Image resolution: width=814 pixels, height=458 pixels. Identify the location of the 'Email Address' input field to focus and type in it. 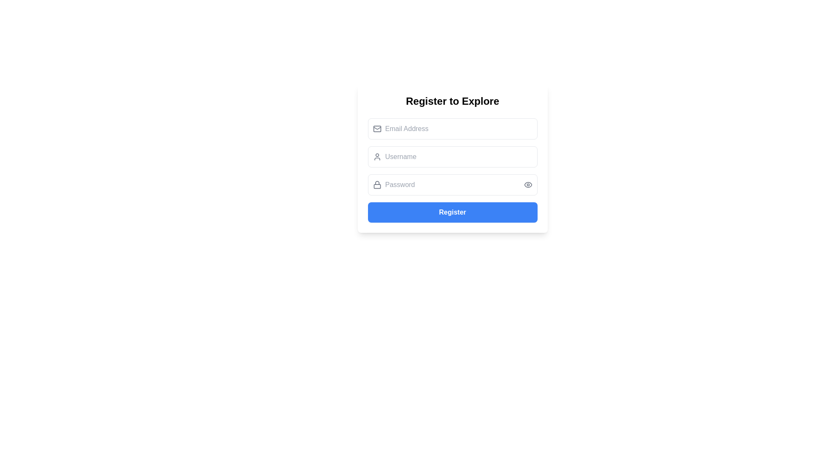
(452, 129).